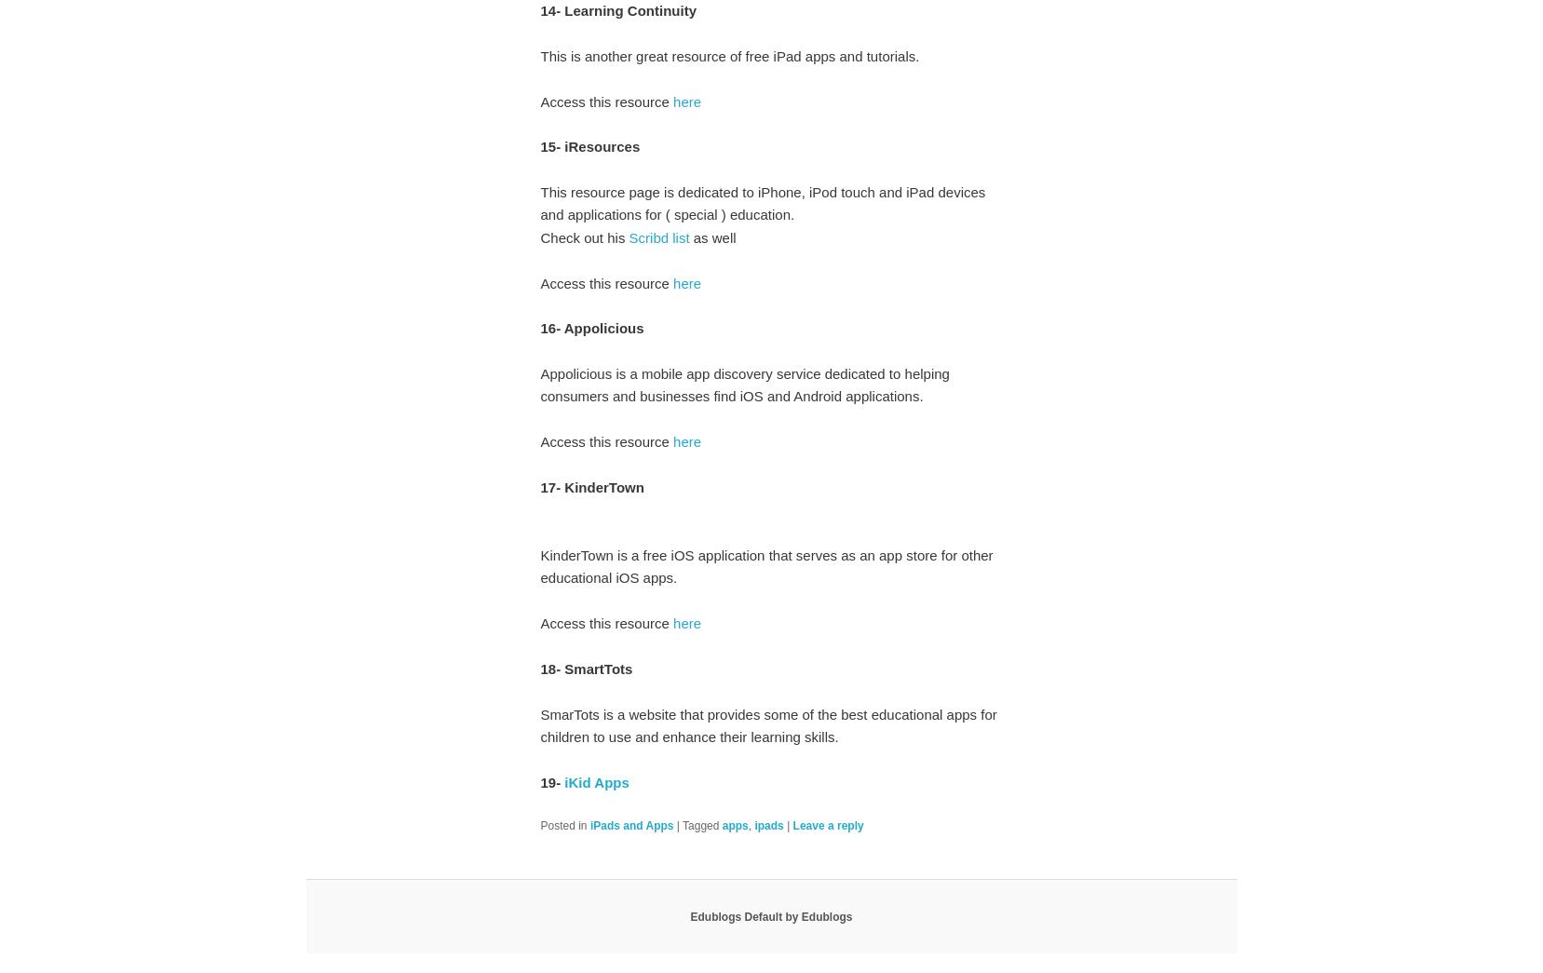 The height and width of the screenshot is (973, 1543). Describe the element at coordinates (770, 914) in the screenshot. I see `'Edublogs Default by Edublogs'` at that location.